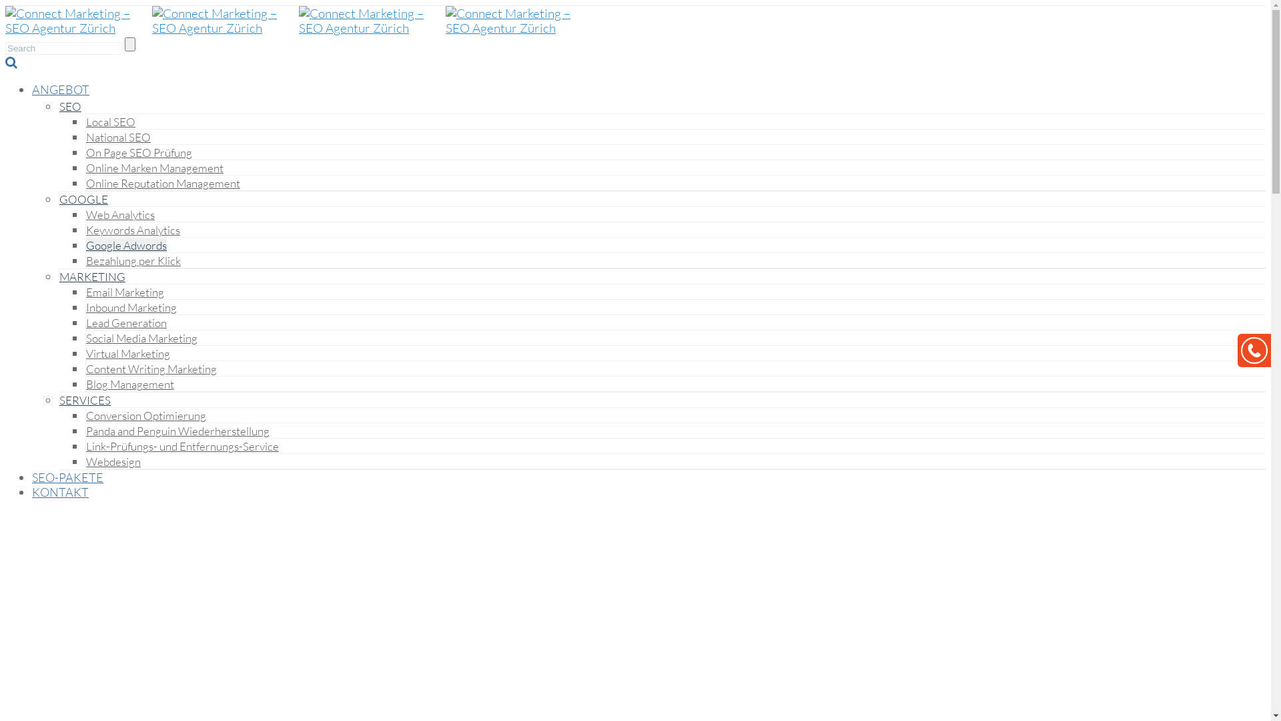 The height and width of the screenshot is (721, 1281). I want to click on 'Social Media Marketing', so click(141, 337).